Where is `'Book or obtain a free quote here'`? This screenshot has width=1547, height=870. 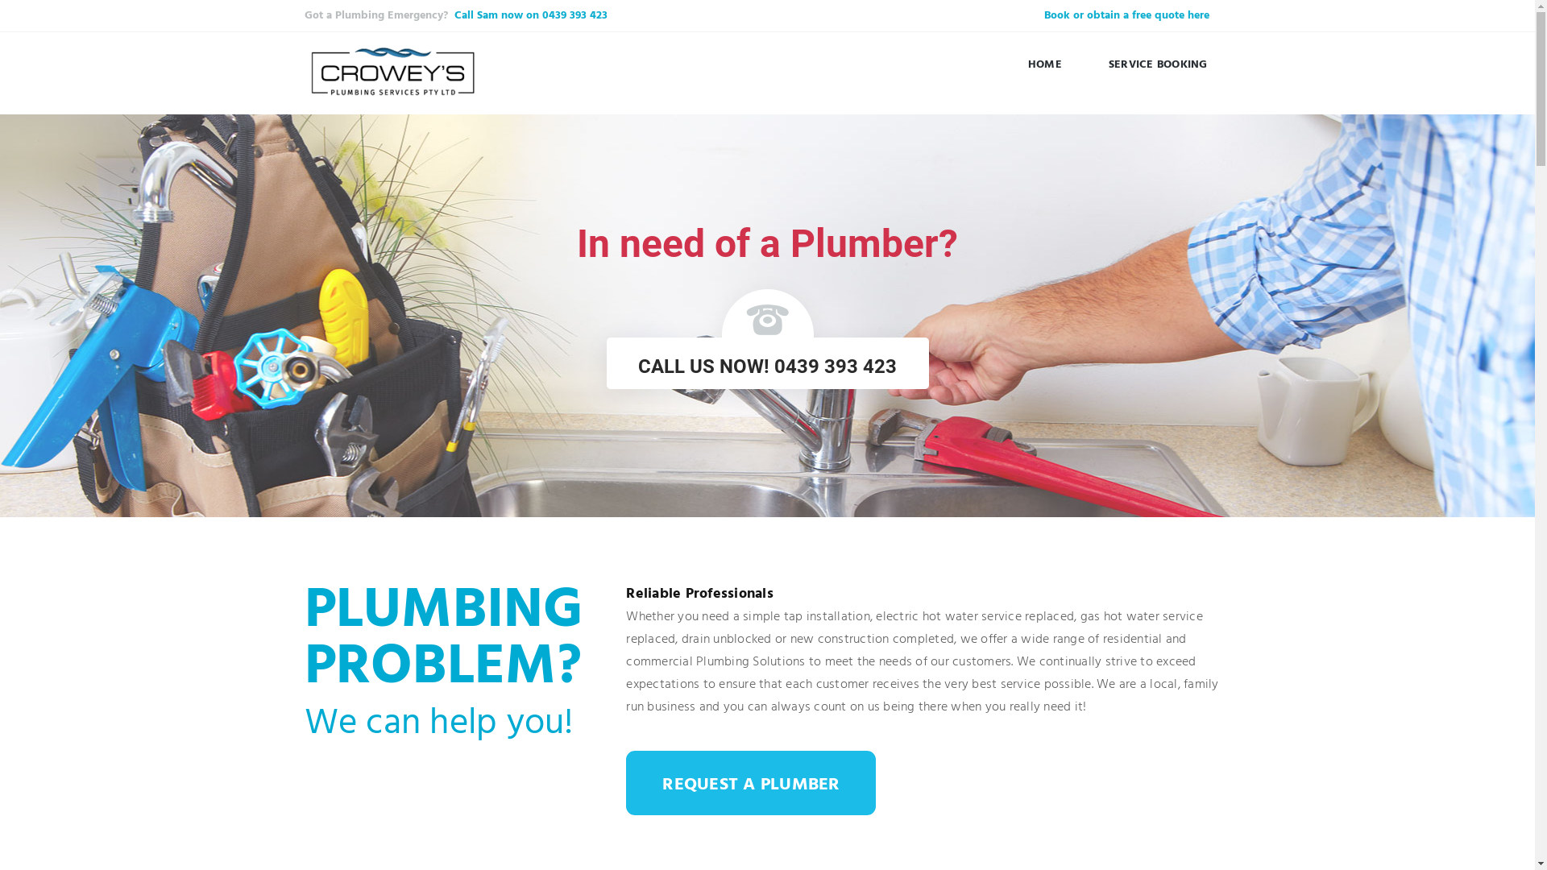
'Book or obtain a free quote here' is located at coordinates (1126, 15).